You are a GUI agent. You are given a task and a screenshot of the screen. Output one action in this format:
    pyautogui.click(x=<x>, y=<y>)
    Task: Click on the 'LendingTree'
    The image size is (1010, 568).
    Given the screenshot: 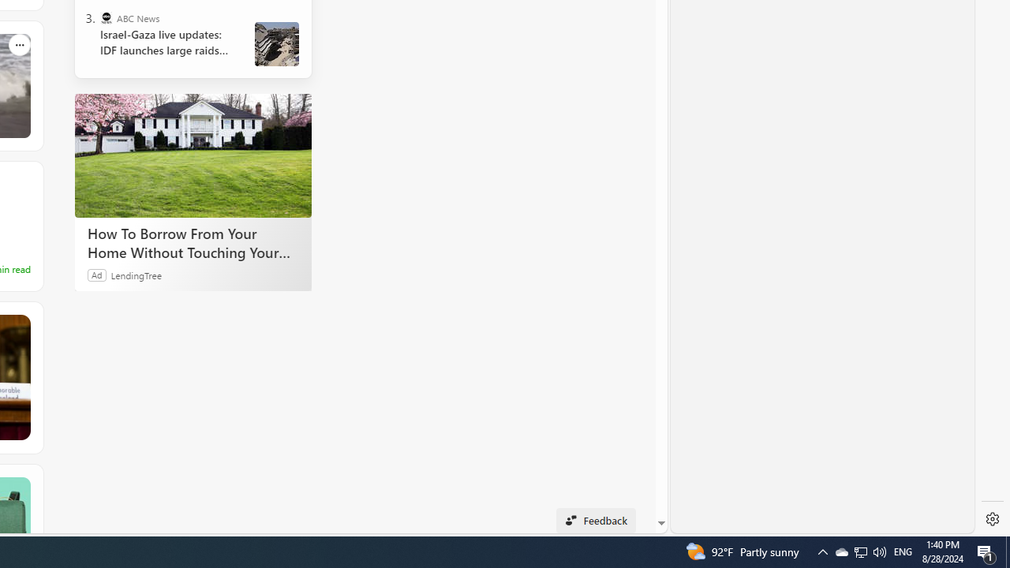 What is the action you would take?
    pyautogui.click(x=136, y=274)
    